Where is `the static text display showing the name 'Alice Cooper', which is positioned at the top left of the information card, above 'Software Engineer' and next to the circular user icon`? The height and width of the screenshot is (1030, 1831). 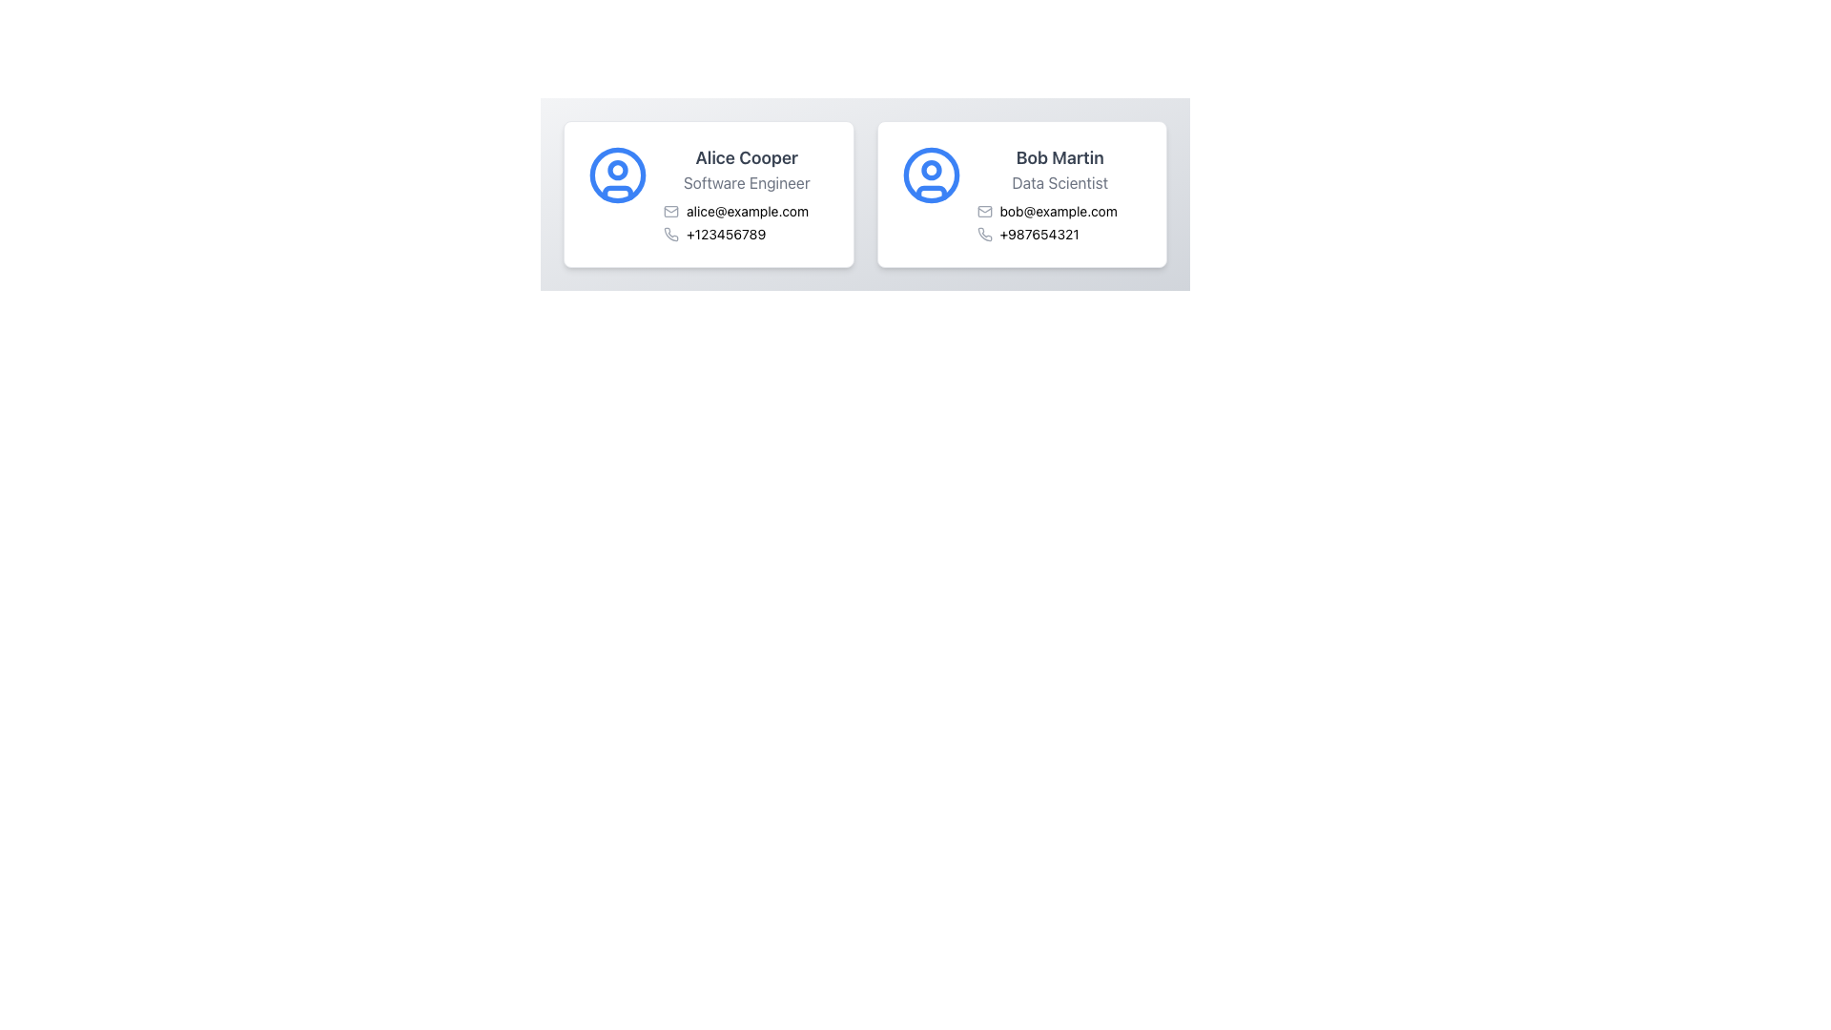 the static text display showing the name 'Alice Cooper', which is positioned at the top left of the information card, above 'Software Engineer' and next to the circular user icon is located at coordinates (746, 156).